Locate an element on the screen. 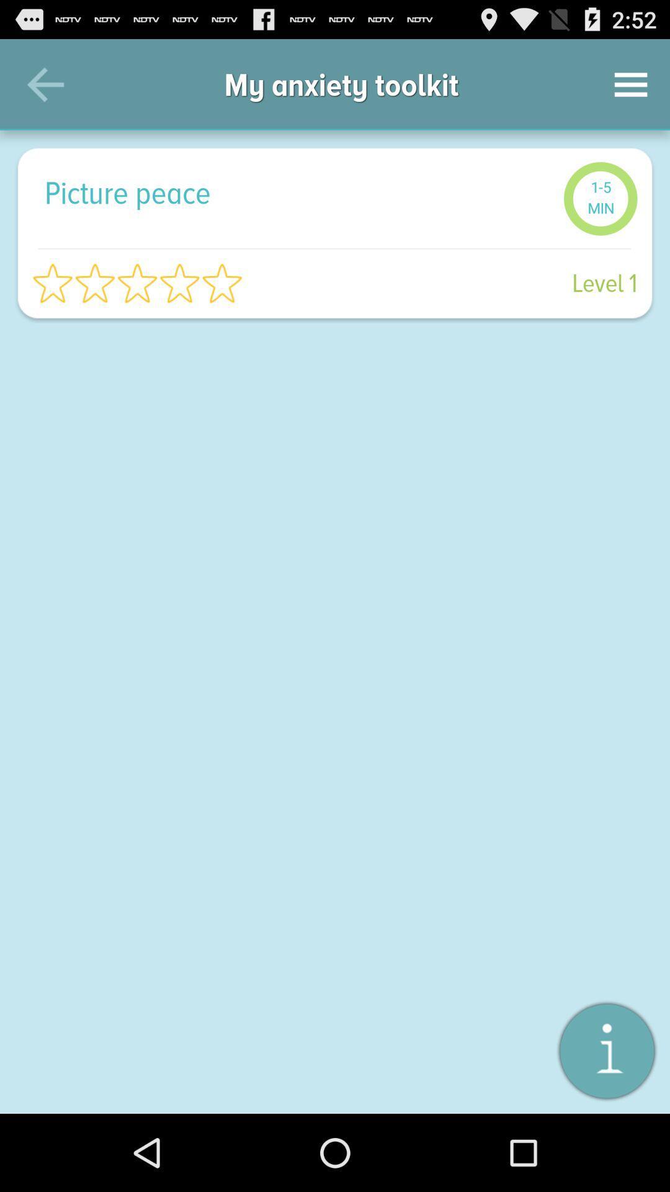 The height and width of the screenshot is (1192, 670). item to the left of level 1 item is located at coordinates (137, 282).